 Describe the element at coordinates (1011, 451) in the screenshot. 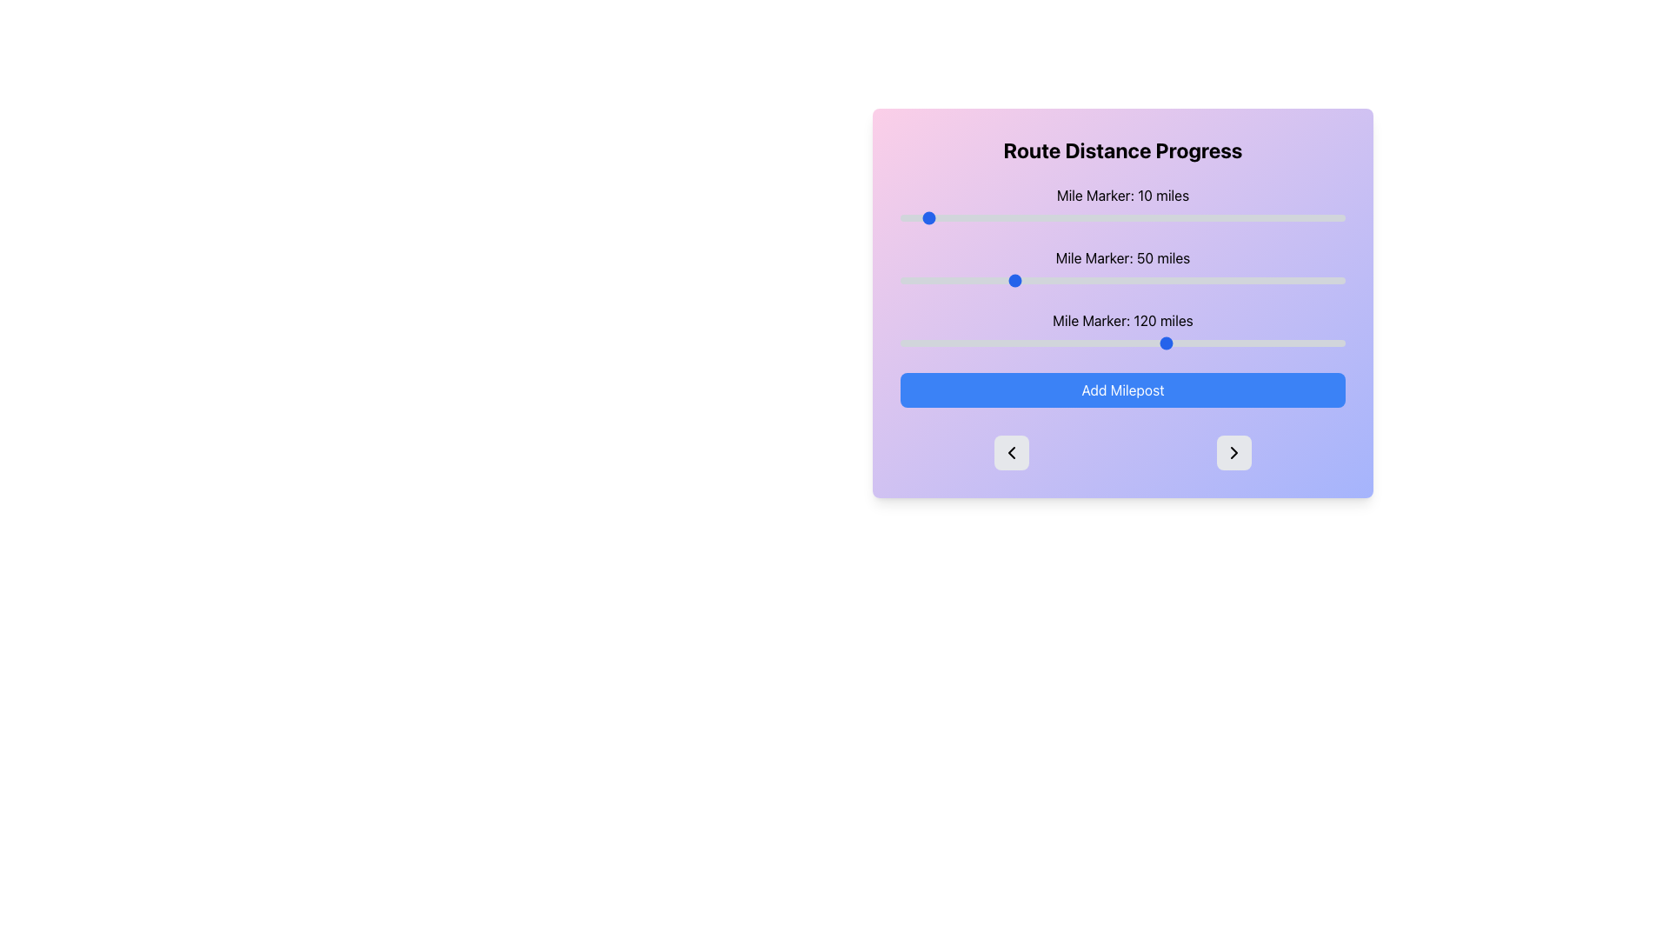

I see `the left-pointing chevron icon, which is styled with a gray stroke and positioned at the bottom left of the dialog interface` at that location.